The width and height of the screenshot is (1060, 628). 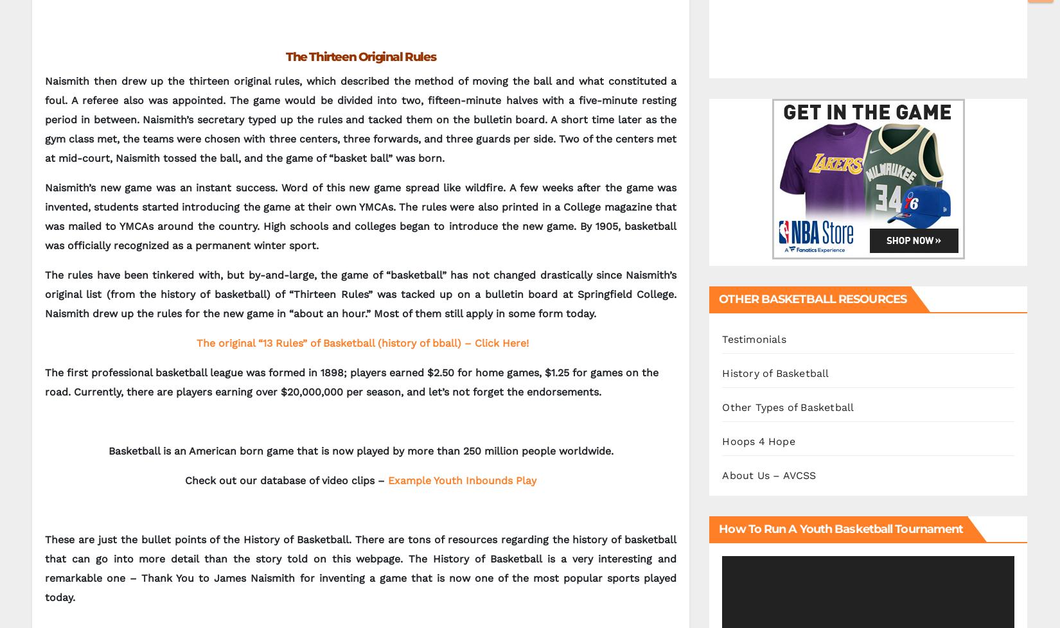 What do you see at coordinates (44, 119) in the screenshot?
I see `'Naismith then drew up the thirteen original rules, which described the method of moving the ball and what constituted a foul. A referee also was appointed. The game would be divided into two, fifteen-minute halves with a five-minute resting period in between. Naismith’s secretary typed up the rules and tacked them on the bulletin board. A short time later as the gym class met, the teams were chosen with three centers, three forwards, and three guards per side. Two of the centers met at mid-court, Naismith tossed the ball, and the game of “basket ball” was born.'` at bounding box center [44, 119].